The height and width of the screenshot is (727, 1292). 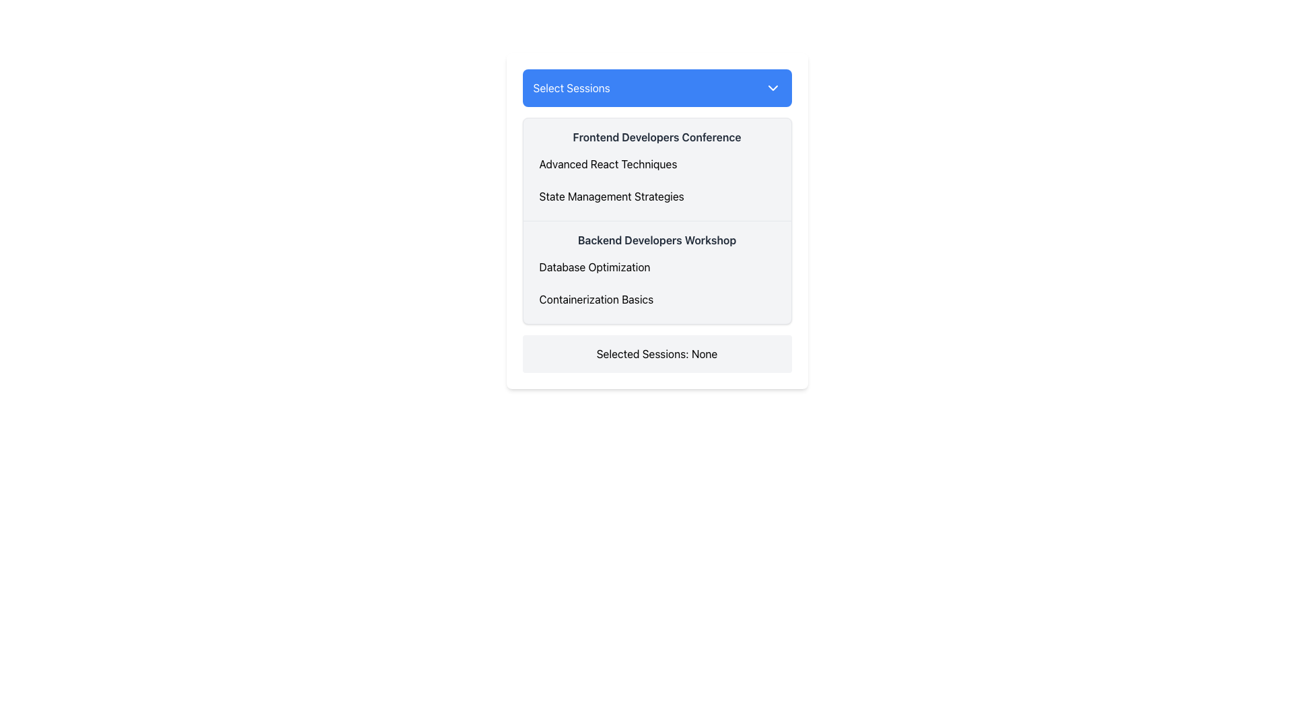 What do you see at coordinates (657, 137) in the screenshot?
I see `the static text label displaying 'Frontend Developers Conference', which is prominently styled in bold dark gray against a light gray background, located near the top of the list interface below the 'Select Sessions' dropdown menu` at bounding box center [657, 137].